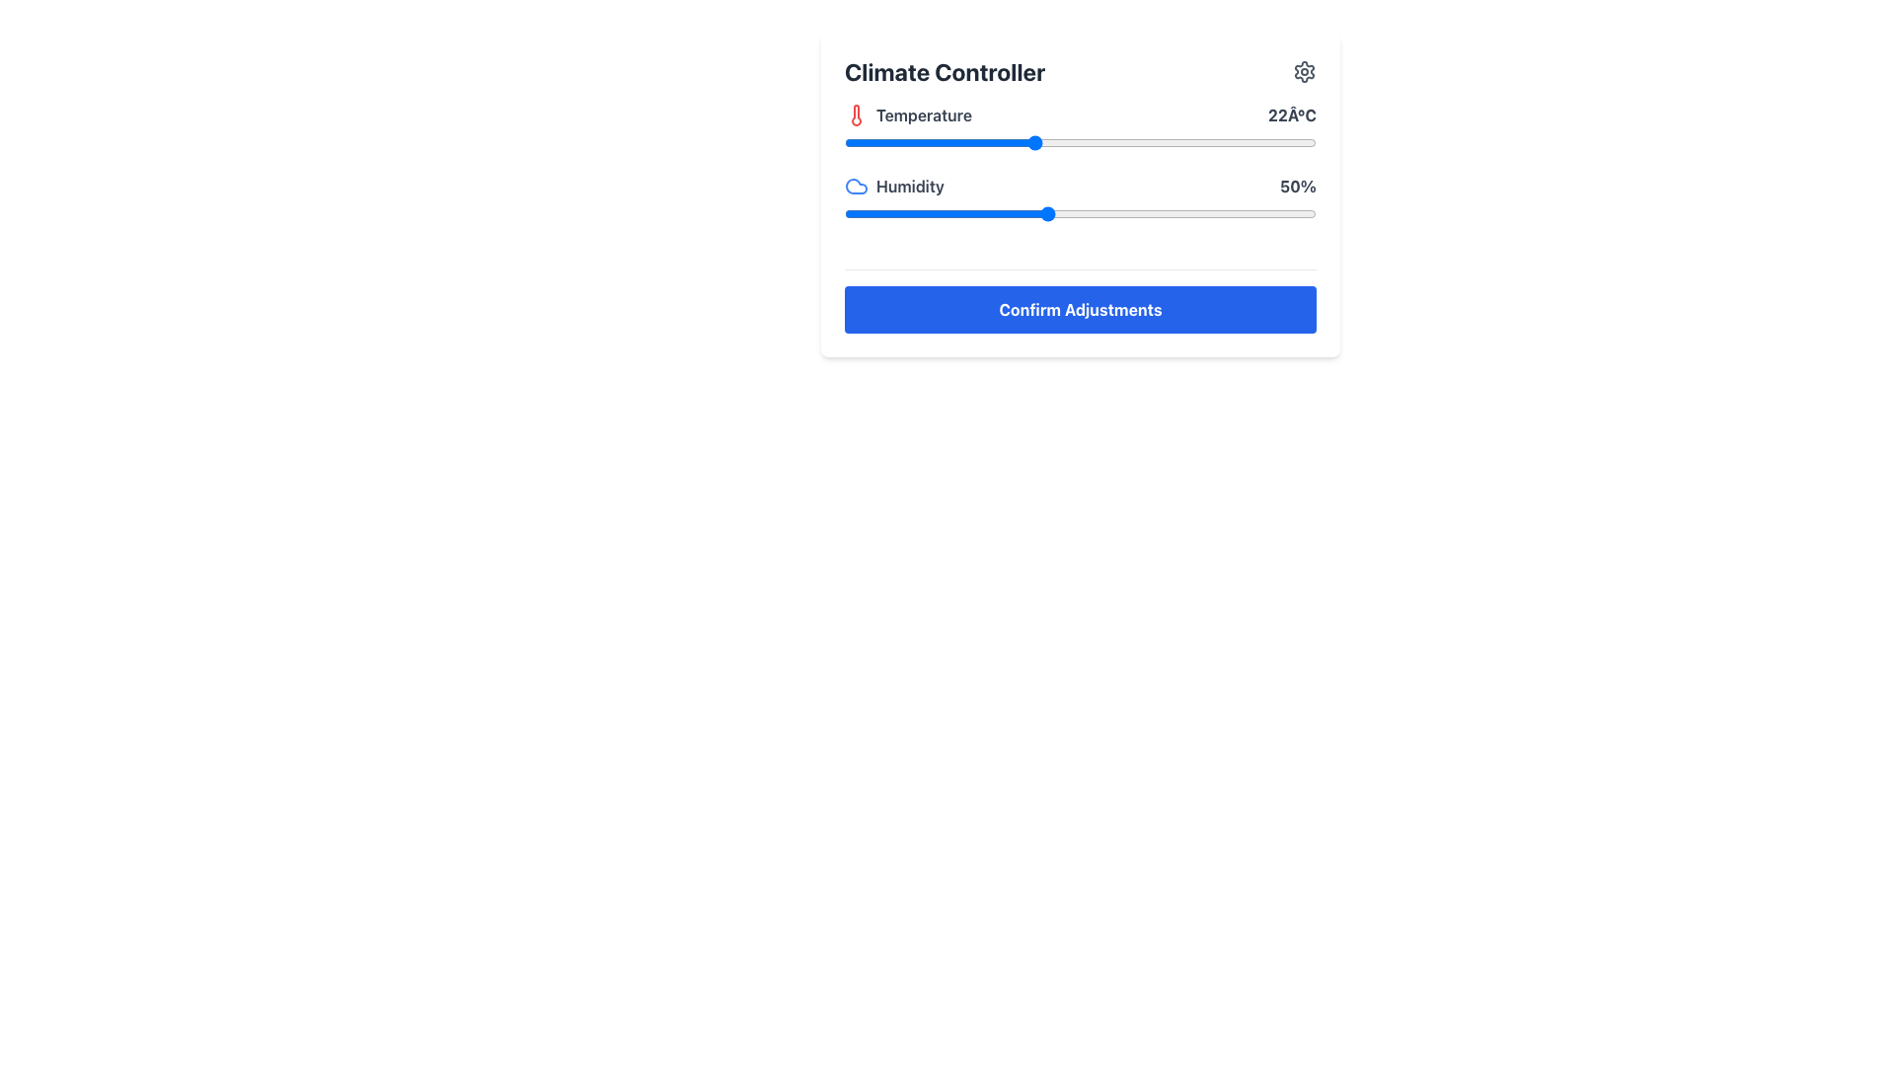  Describe the element at coordinates (1304, 71) in the screenshot. I see `the gear-shaped settings icon located at the top-right corner of the 'Climate Controller' panel` at that location.